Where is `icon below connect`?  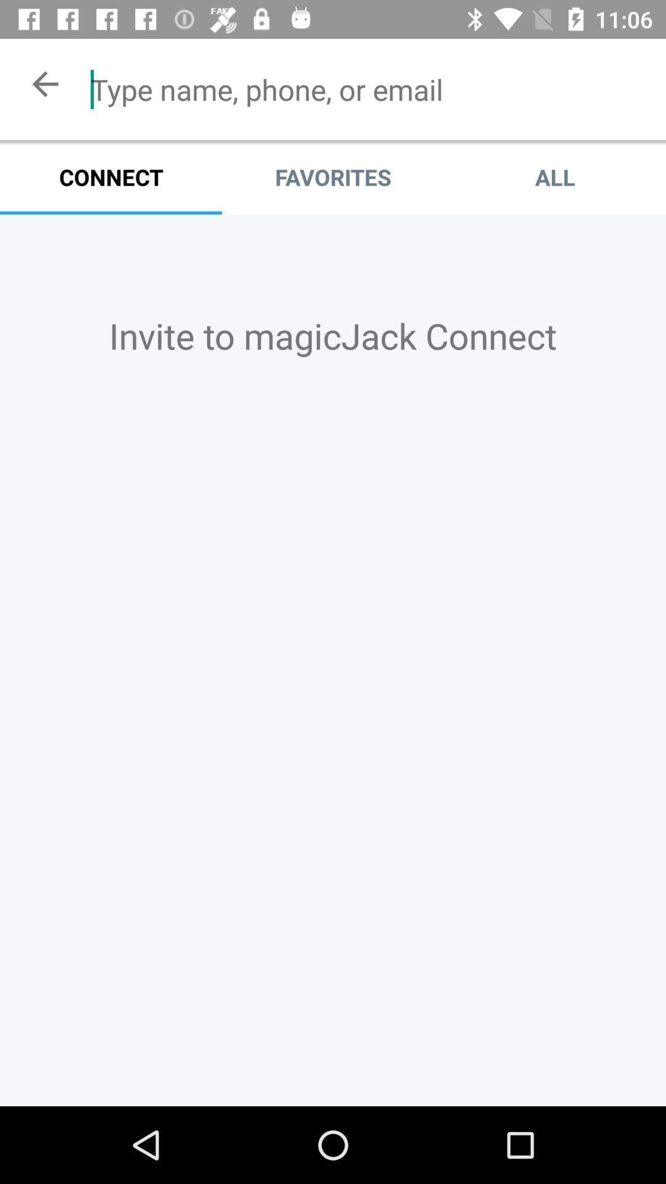 icon below connect is located at coordinates (333, 335).